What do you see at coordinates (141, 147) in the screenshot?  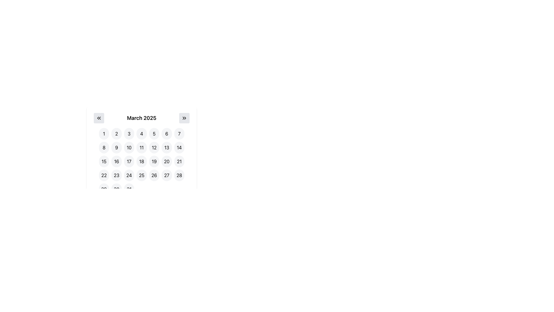 I see `the circular button labeled '11' in the second row and fourth column of the calendar grid` at bounding box center [141, 147].